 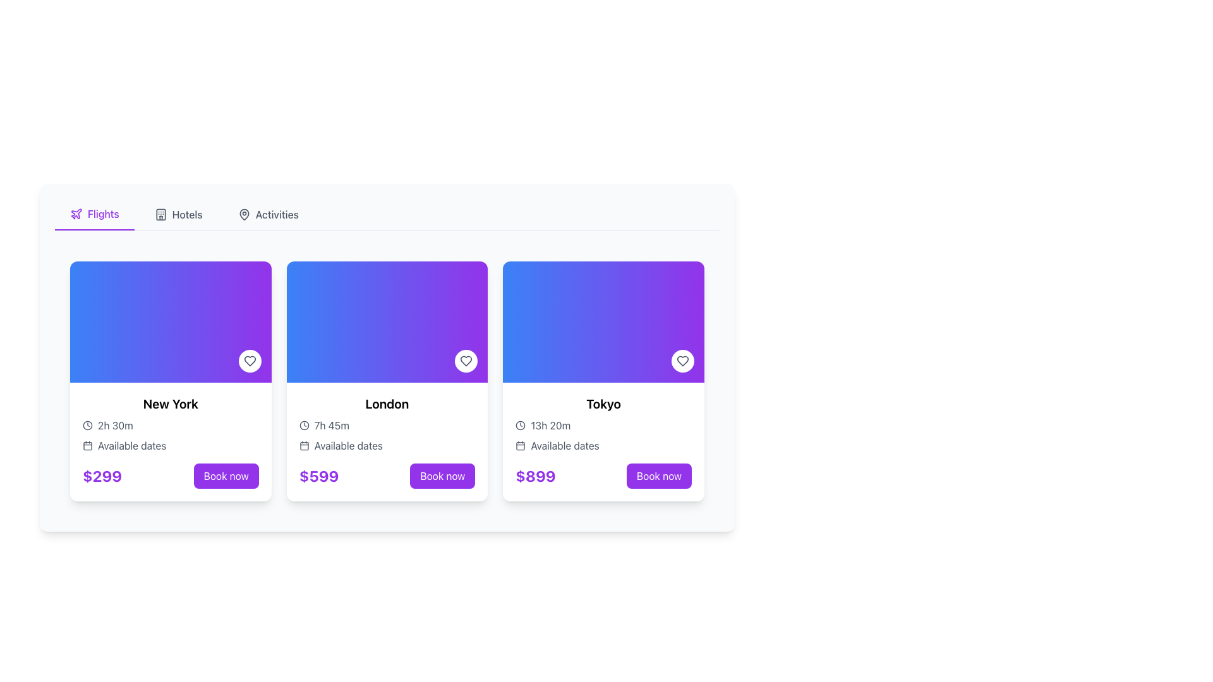 What do you see at coordinates (348, 445) in the screenshot?
I see `the text label that serves as a heading for available travel dates, located in the second card from the left, below the trip duration description` at bounding box center [348, 445].